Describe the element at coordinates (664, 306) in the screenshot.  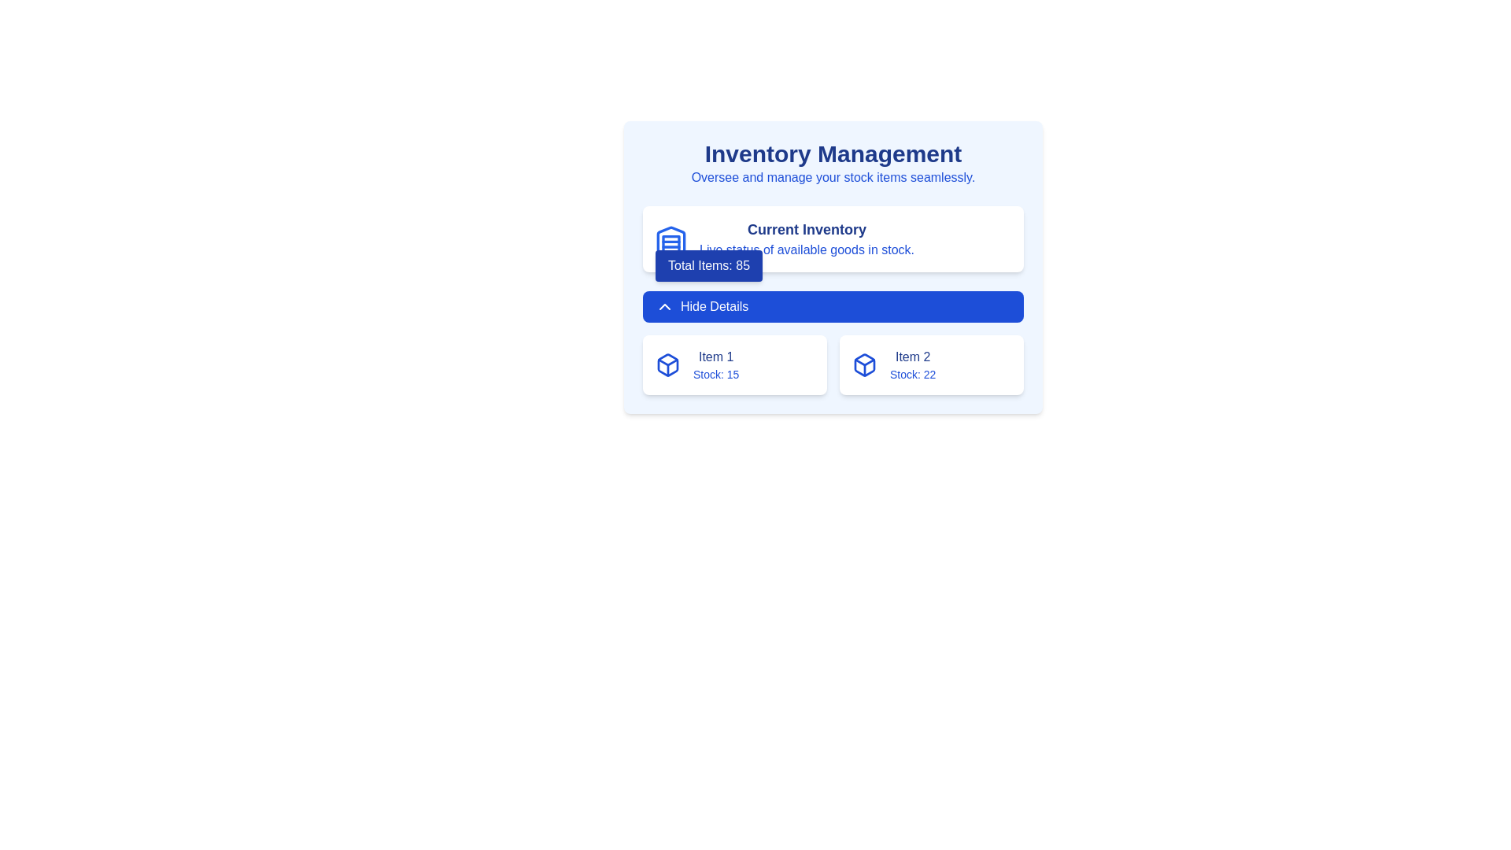
I see `the chevron icon that is part of the 'Hide Details' button located at the bottom-right of the card` at that location.